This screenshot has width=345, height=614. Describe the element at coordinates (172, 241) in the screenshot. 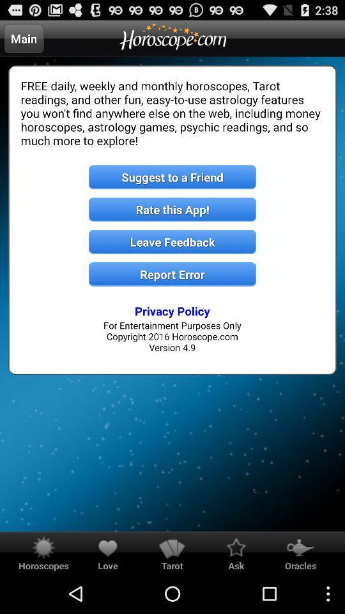

I see `the leave feedback item` at that location.